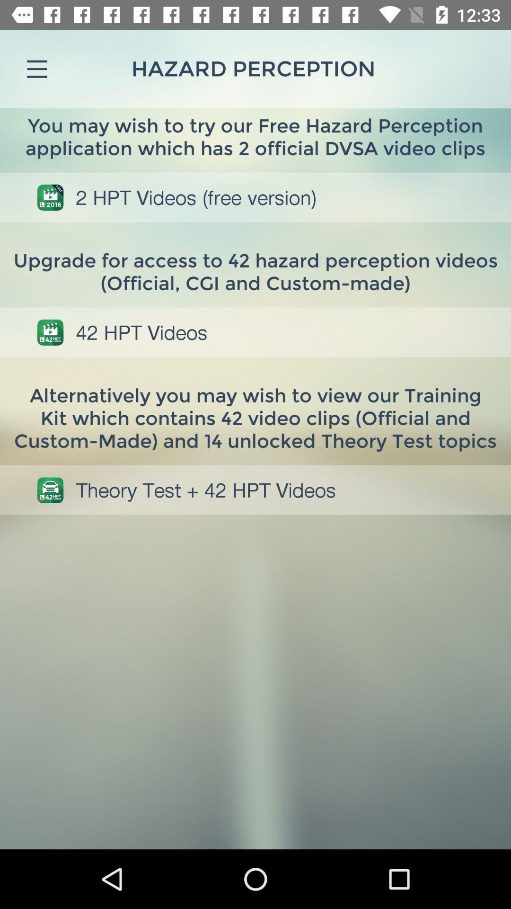  I want to click on the icon which is beside theory test  42 hpt videos, so click(50, 490).